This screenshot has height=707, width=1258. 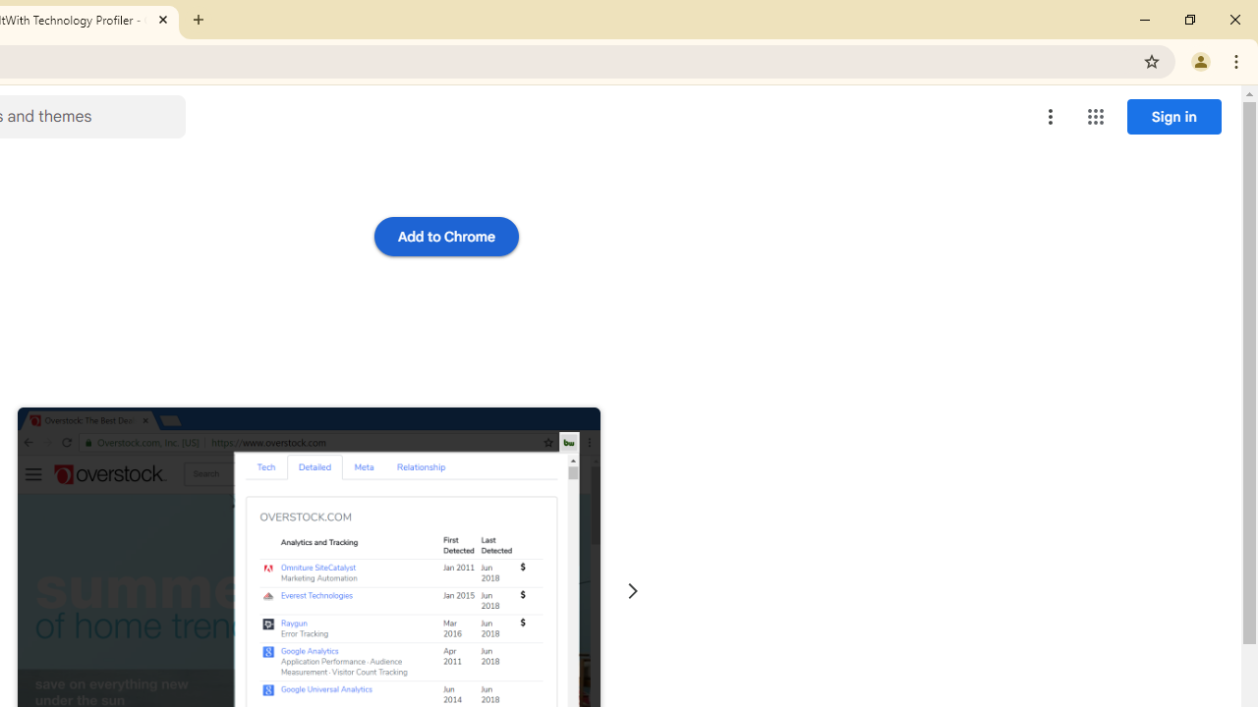 What do you see at coordinates (444, 235) in the screenshot?
I see `'Add to Chrome'` at bounding box center [444, 235].